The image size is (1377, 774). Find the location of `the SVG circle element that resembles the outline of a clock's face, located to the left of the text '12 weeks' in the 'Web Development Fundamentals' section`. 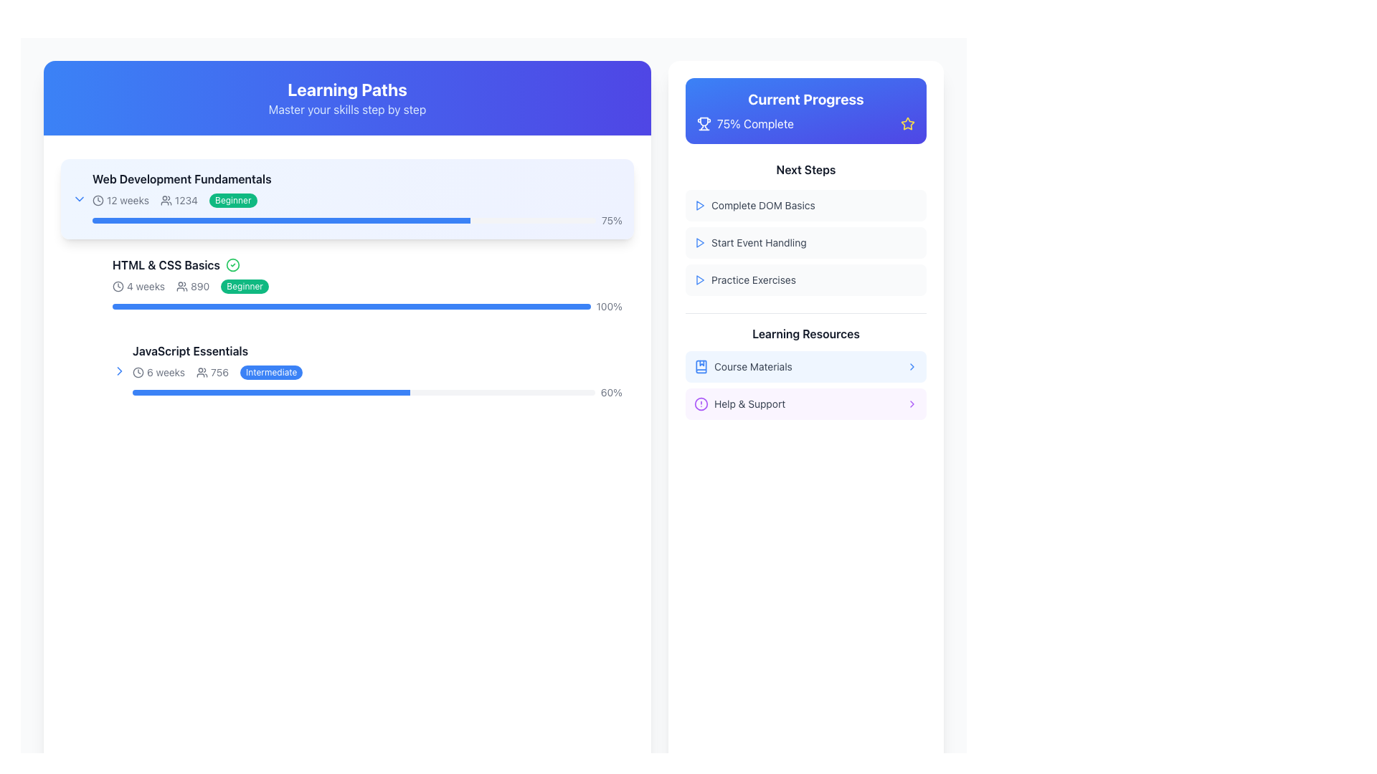

the SVG circle element that resembles the outline of a clock's face, located to the left of the text '12 weeks' in the 'Web Development Fundamentals' section is located at coordinates (98, 201).